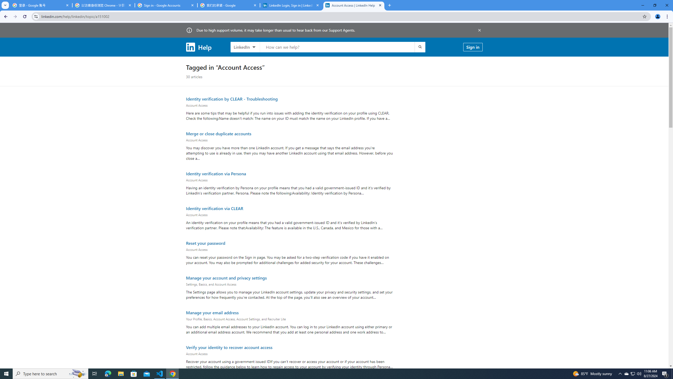  Describe the element at coordinates (206, 243) in the screenshot. I see `'Reset your password'` at that location.